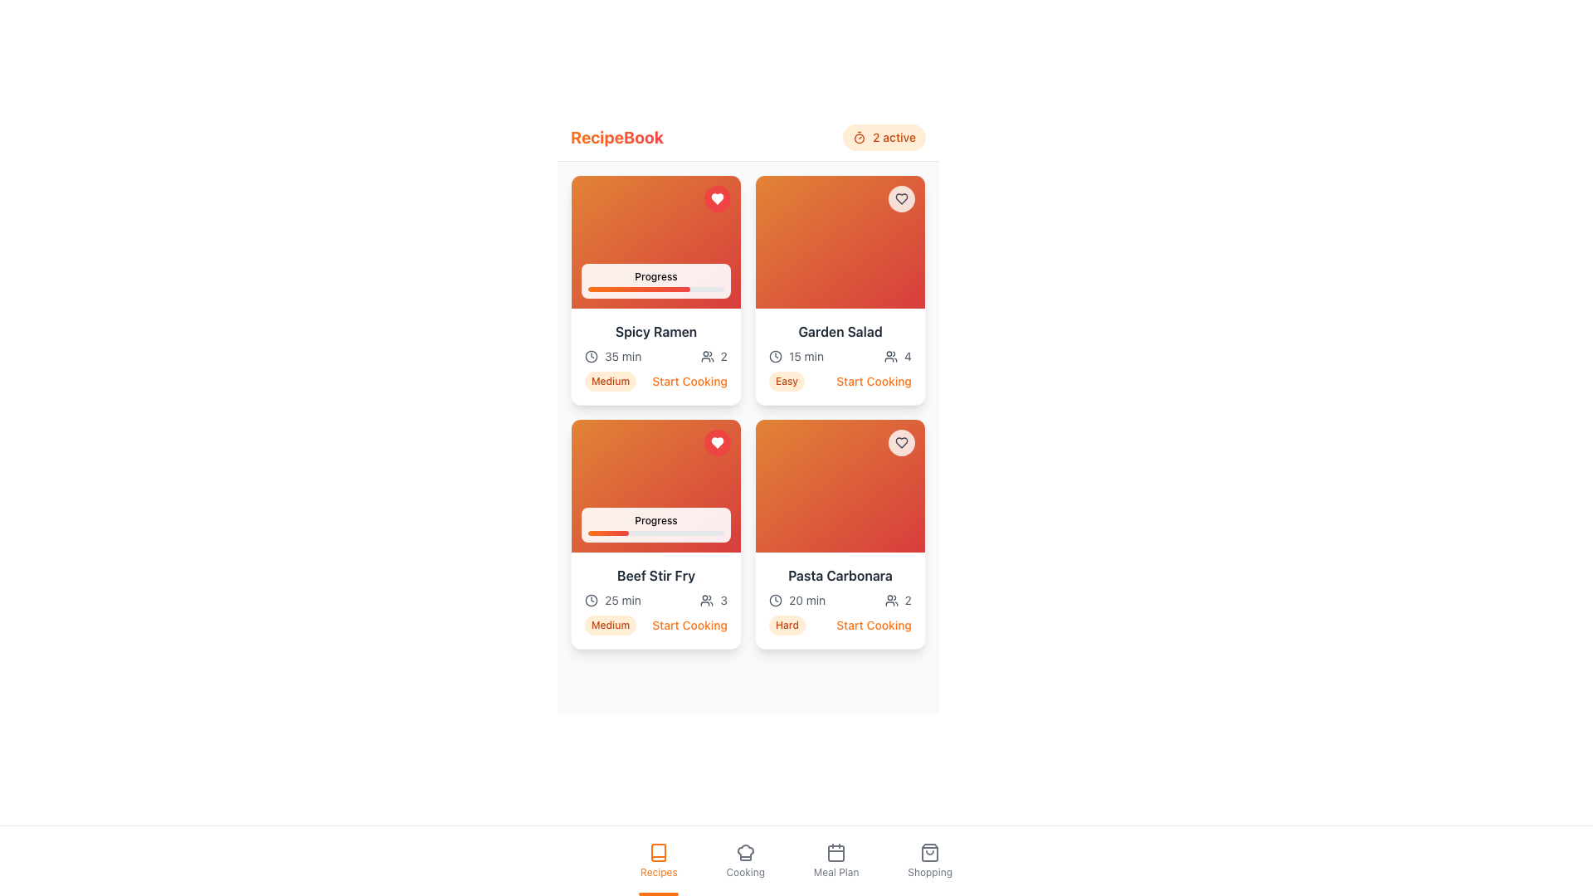 The width and height of the screenshot is (1593, 896). What do you see at coordinates (744, 853) in the screenshot?
I see `the 'Cooking' icon located in the center of the navigation bar at the bottom of the interface` at bounding box center [744, 853].